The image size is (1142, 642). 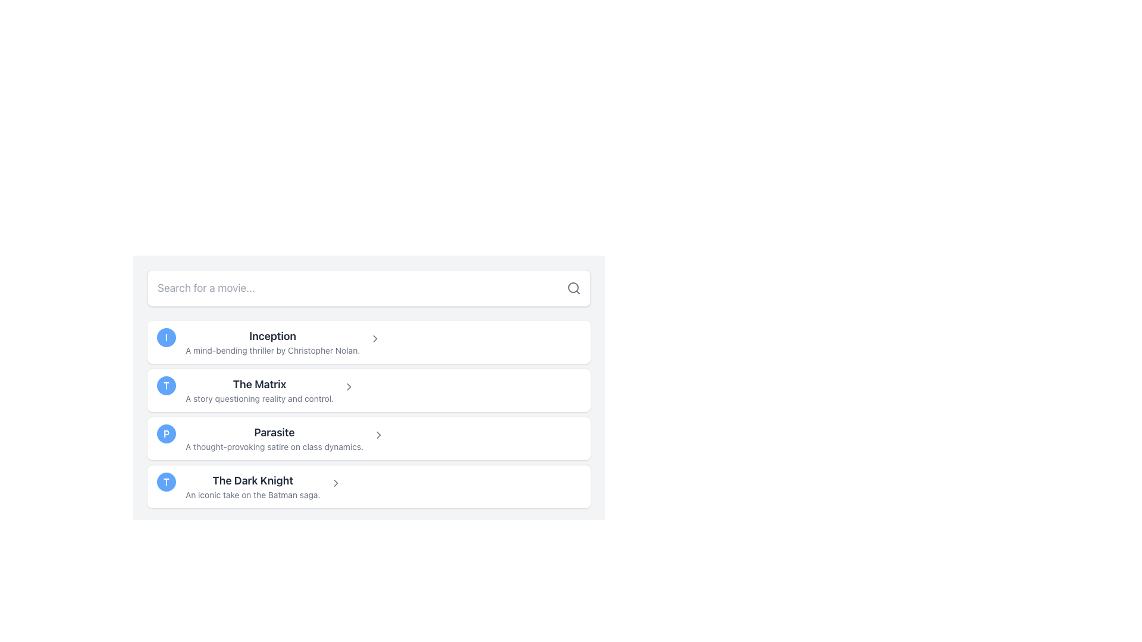 I want to click on the movie title in the third entry of the movie list, so click(x=252, y=486).